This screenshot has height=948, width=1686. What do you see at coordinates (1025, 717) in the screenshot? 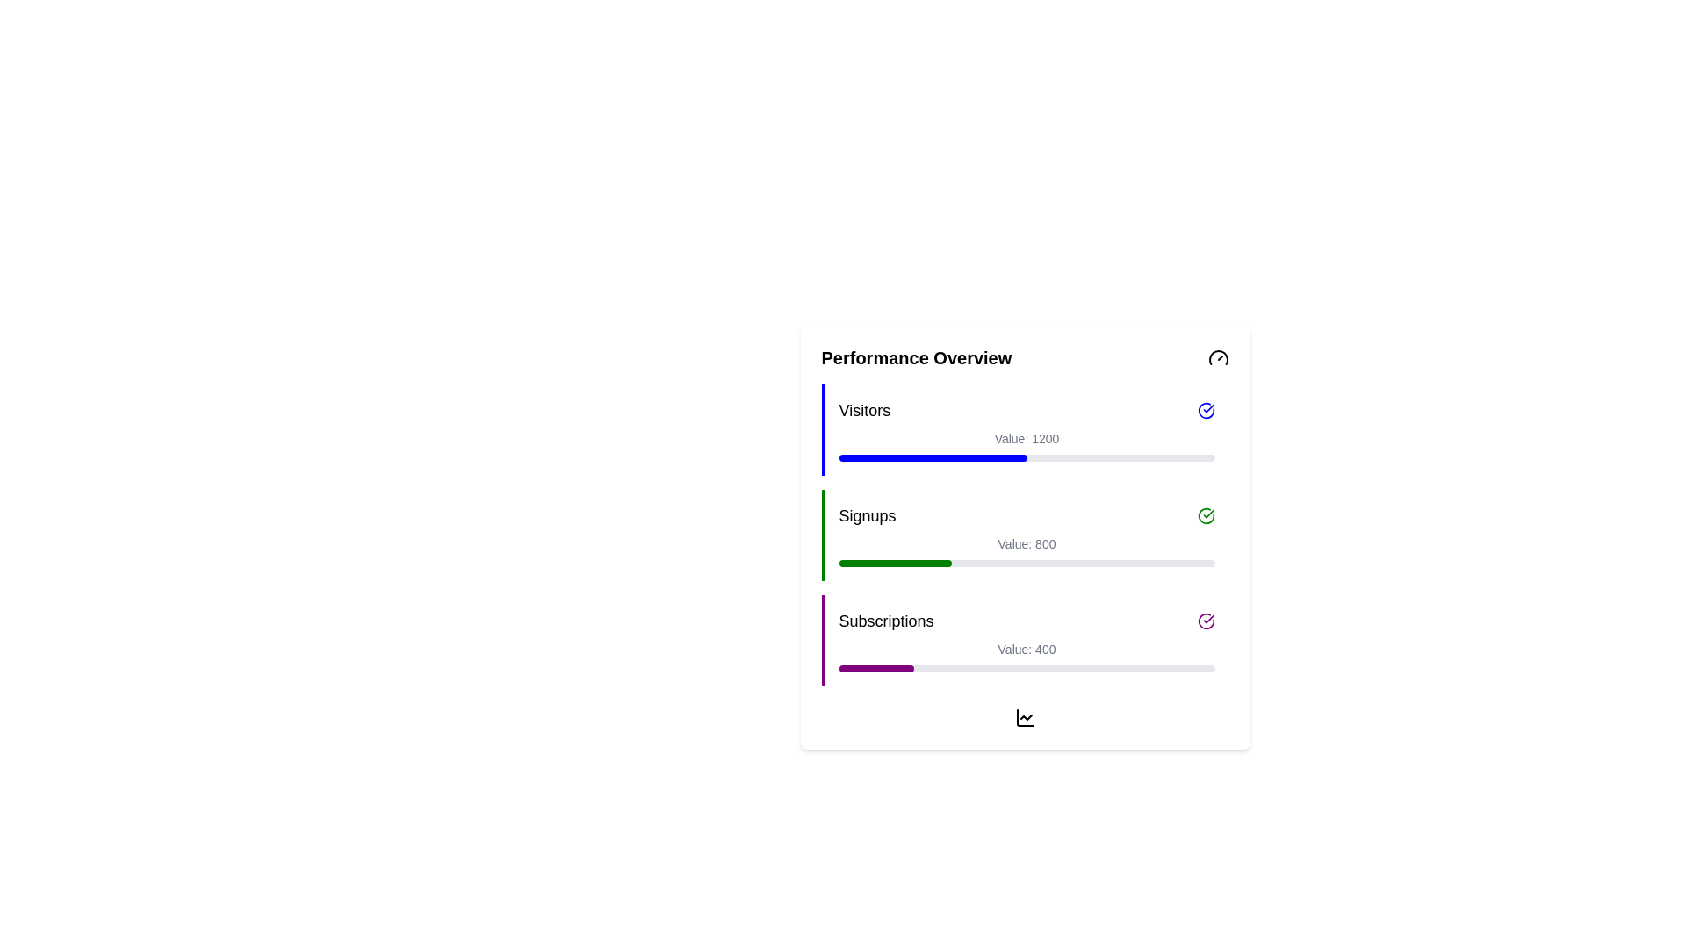
I see `the Icon located at the bottom of the 'Performance Overview' section for interaction` at bounding box center [1025, 717].